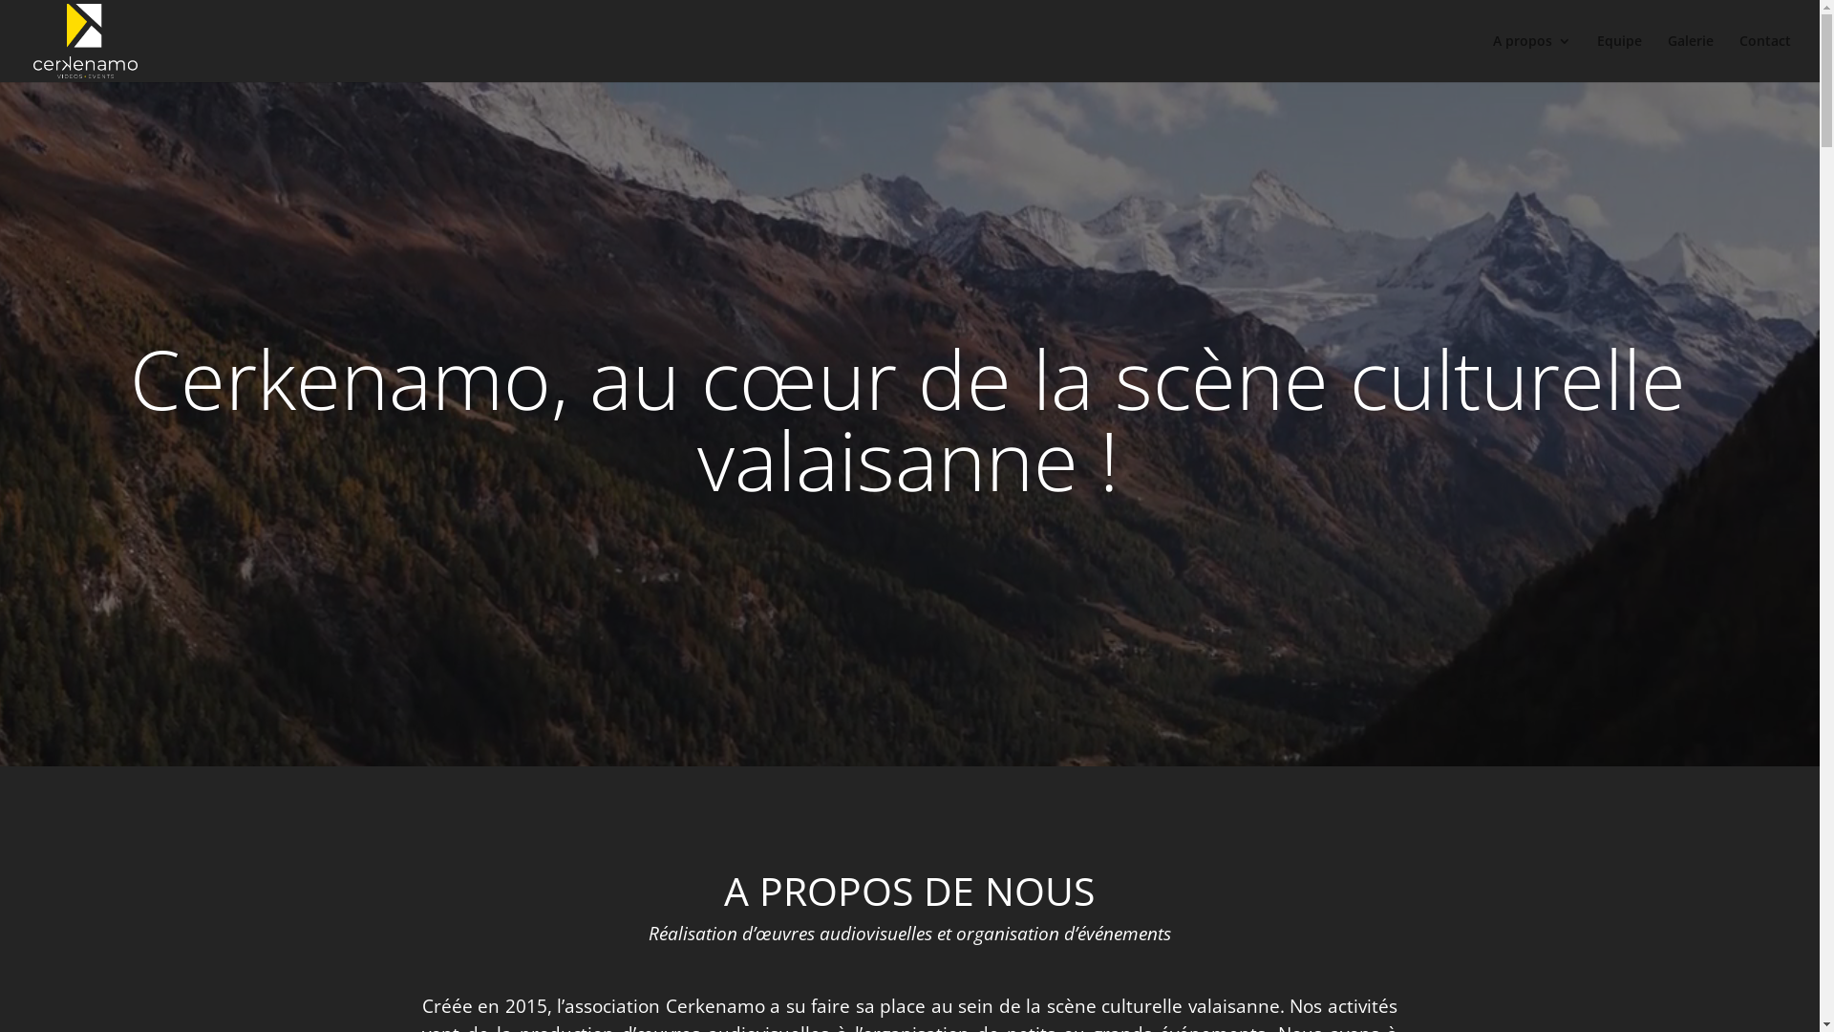 The height and width of the screenshot is (1032, 1834). What do you see at coordinates (1667, 57) in the screenshot?
I see `'Galerie'` at bounding box center [1667, 57].